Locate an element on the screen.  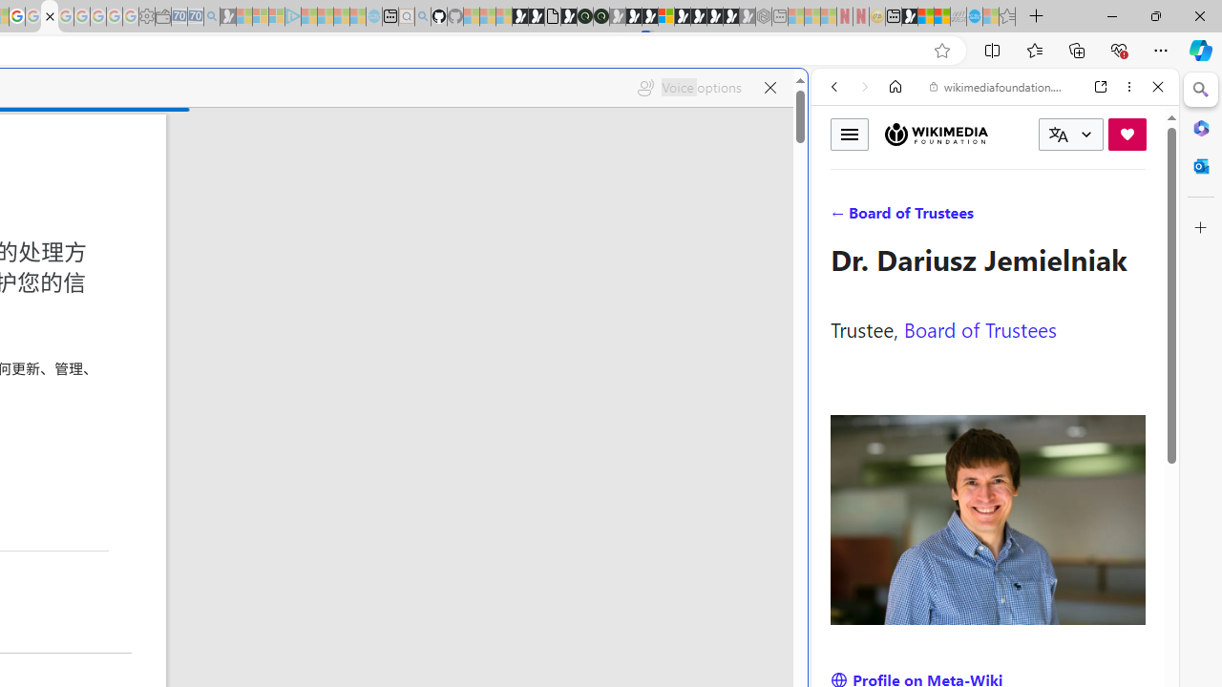
'Wikimedia Foundation' is located at coordinates (936, 134).